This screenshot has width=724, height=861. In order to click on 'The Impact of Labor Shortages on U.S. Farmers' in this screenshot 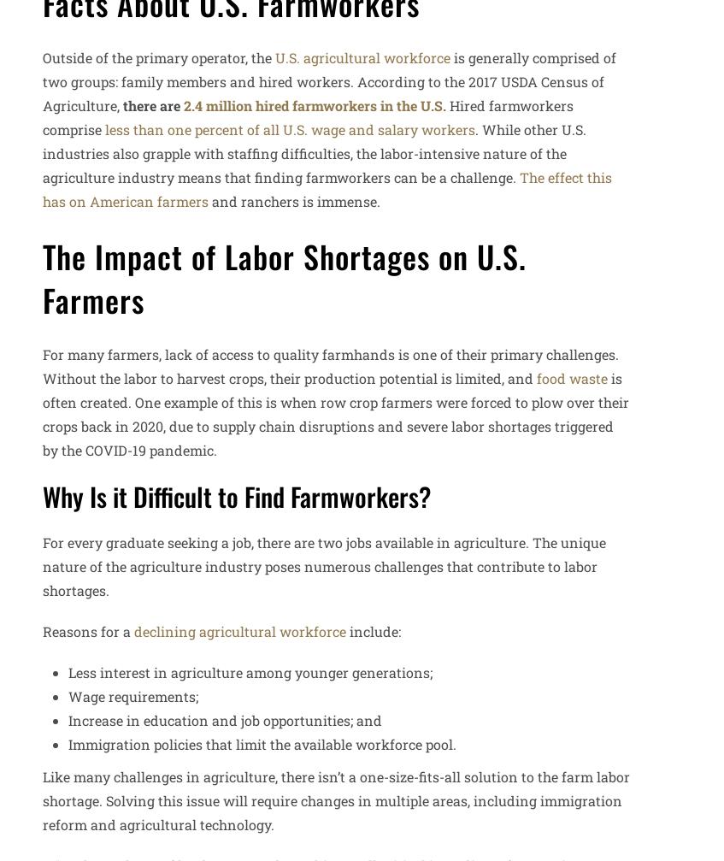, I will do `click(41, 277)`.